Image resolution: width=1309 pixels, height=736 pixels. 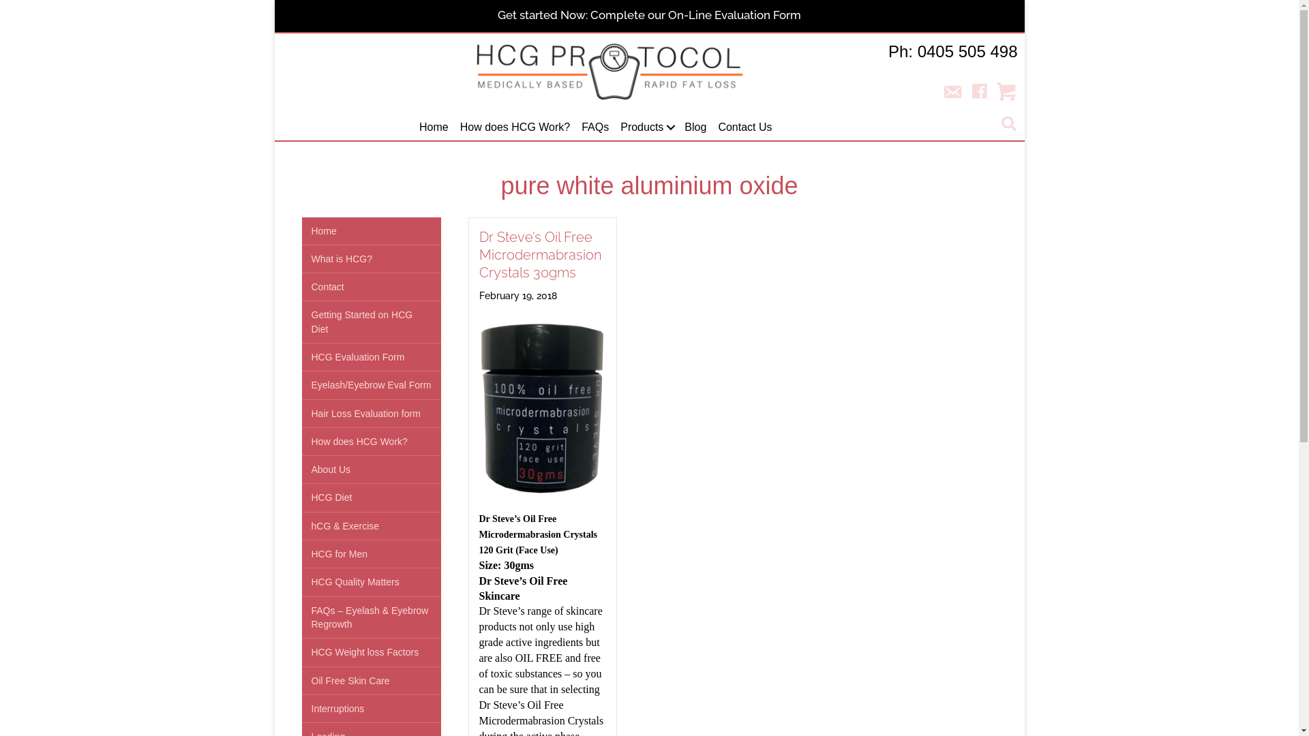 I want to click on 'Contact Us', so click(x=744, y=127).